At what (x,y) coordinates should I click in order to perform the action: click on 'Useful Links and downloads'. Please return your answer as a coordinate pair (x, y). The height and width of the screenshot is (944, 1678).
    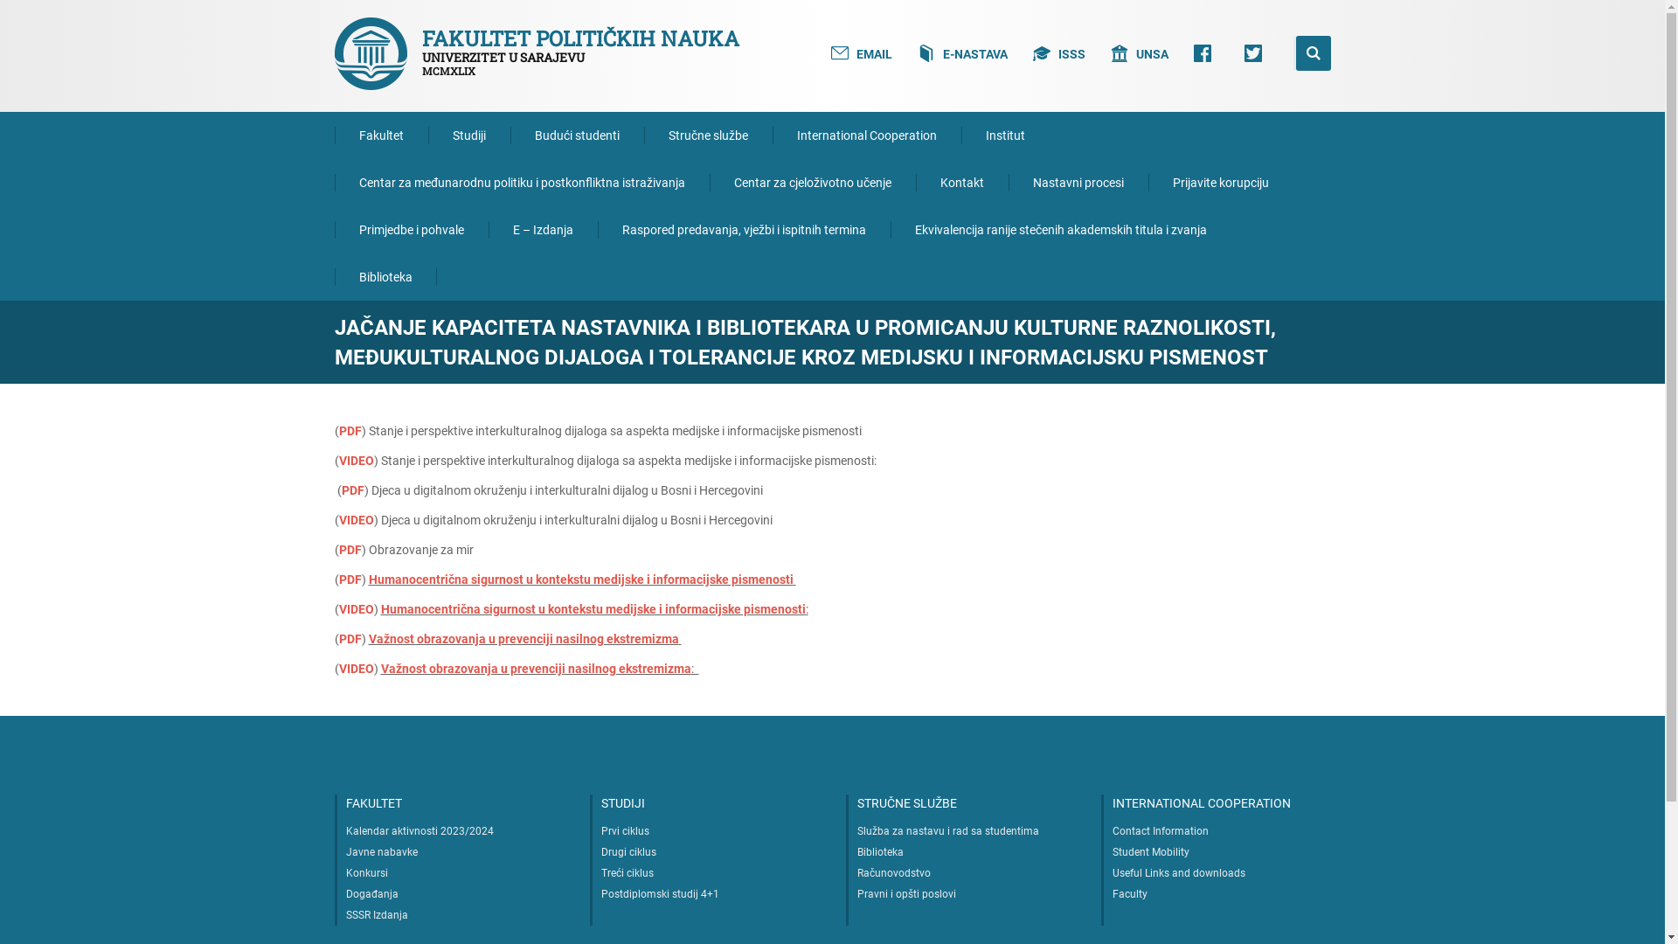
    Looking at the image, I should click on (1178, 873).